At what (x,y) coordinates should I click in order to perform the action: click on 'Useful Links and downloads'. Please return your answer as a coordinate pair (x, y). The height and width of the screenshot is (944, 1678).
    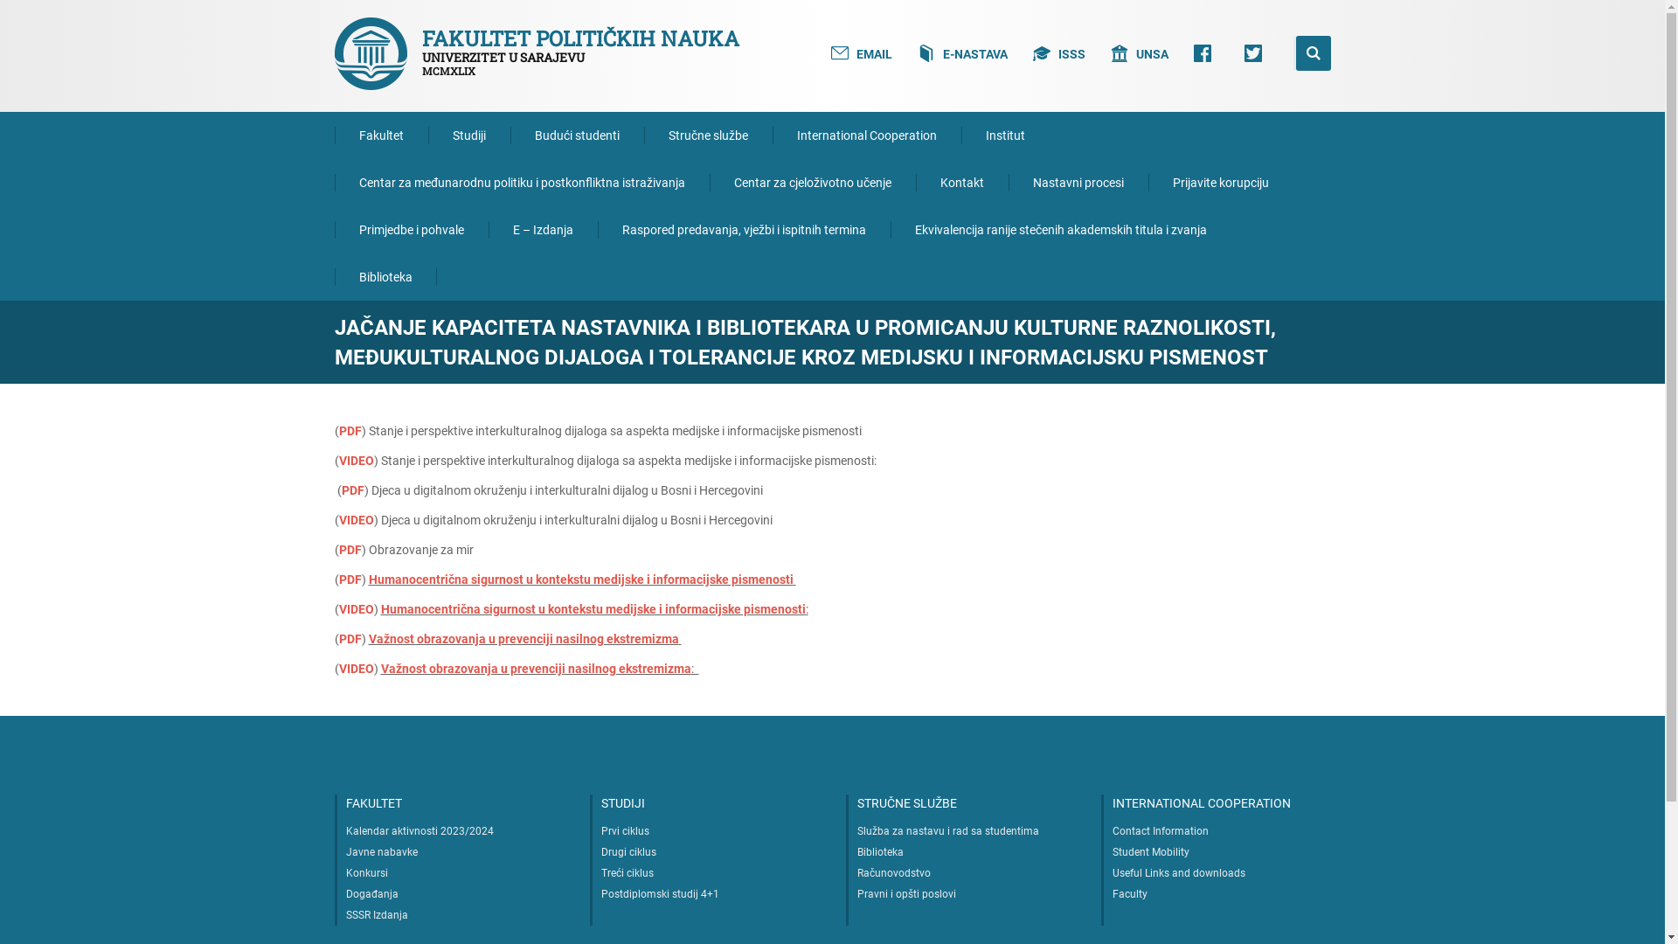
    Looking at the image, I should click on (1178, 873).